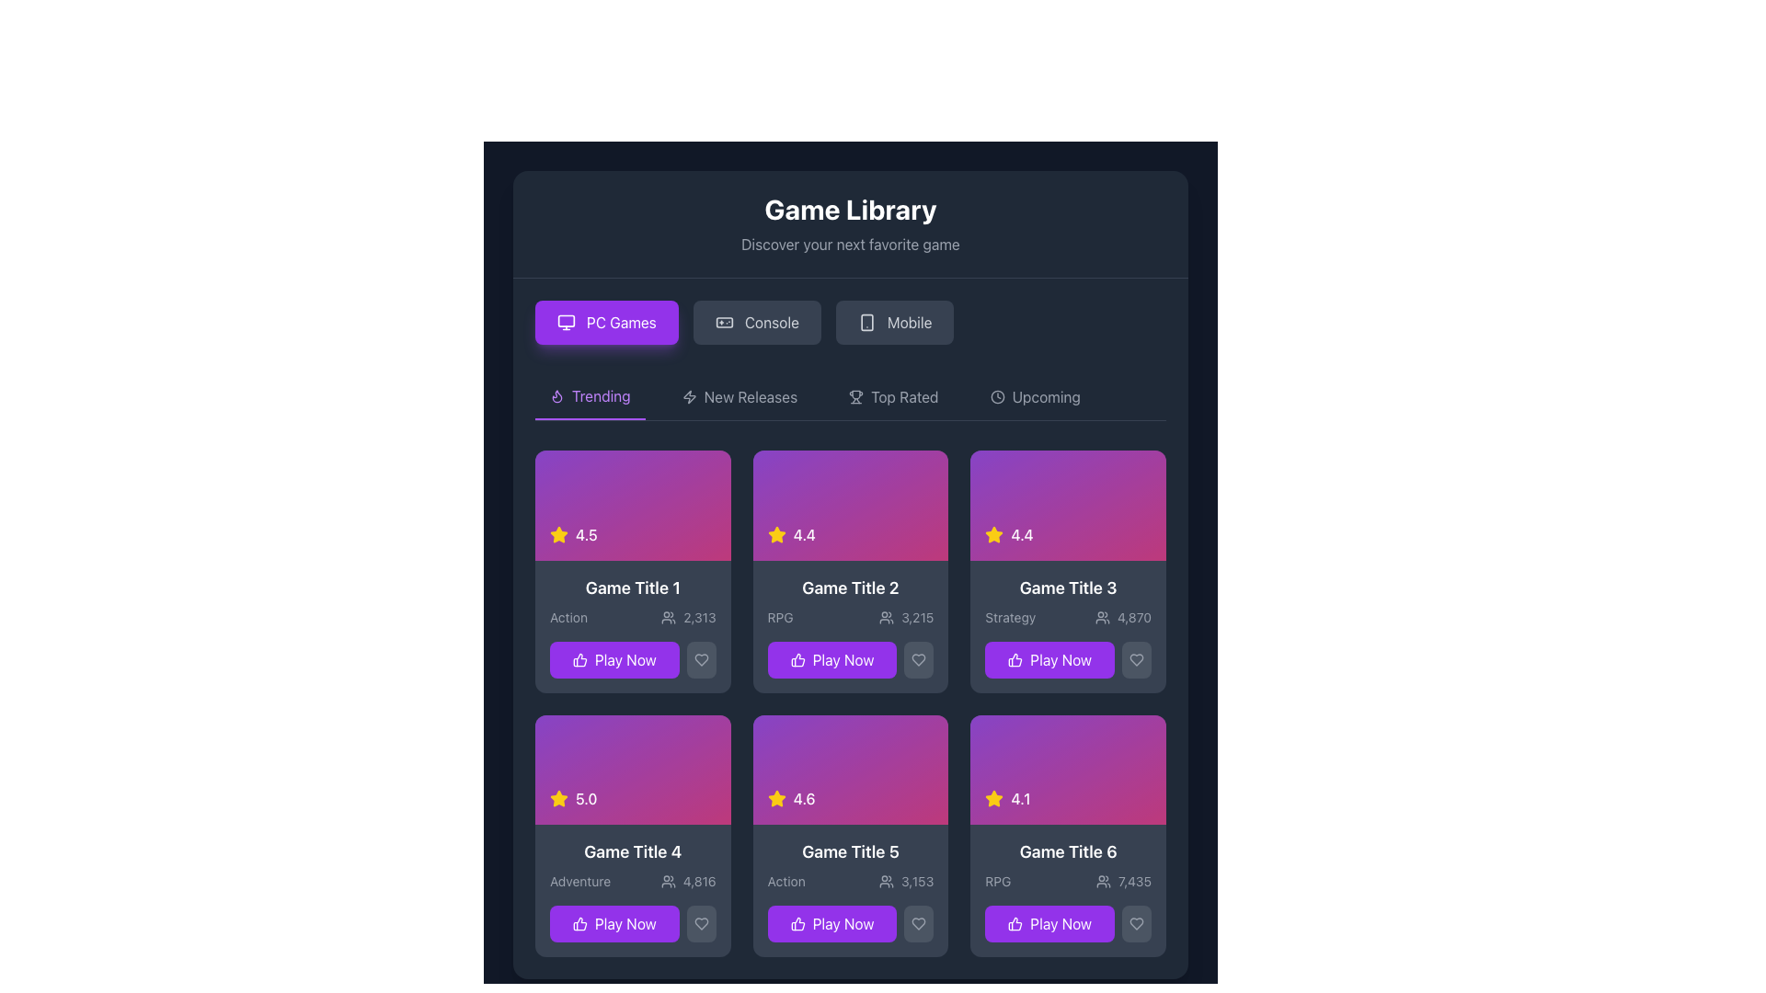 This screenshot has height=993, width=1766. Describe the element at coordinates (633, 625) in the screenshot. I see `the 'Play Now' button on the Informational Card located in the first column and second row of the grid layout in the 'Trending' section` at that location.